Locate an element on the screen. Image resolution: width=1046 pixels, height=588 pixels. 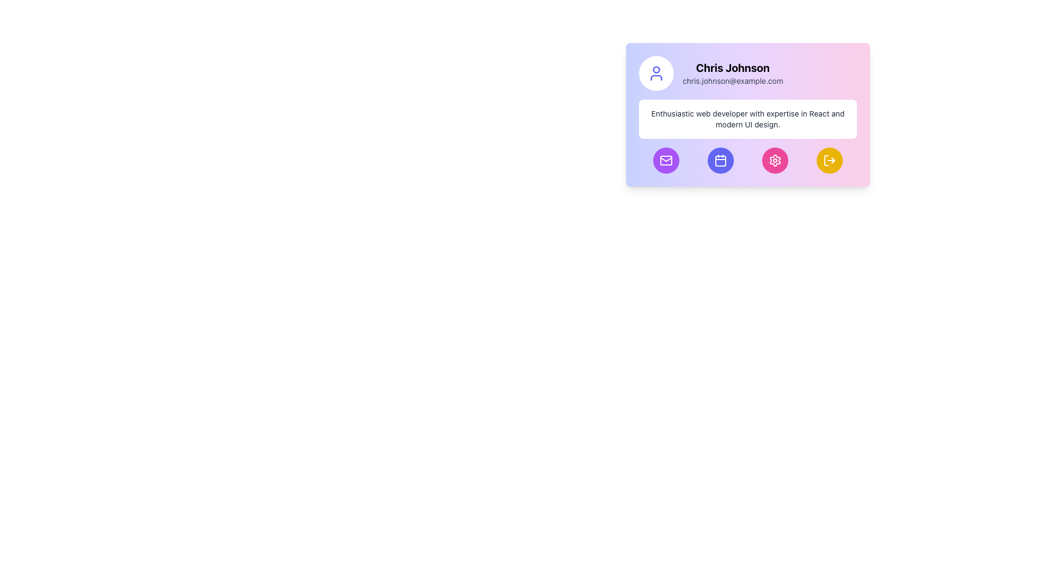
the fifth circular button in the horizontal row below the profile details card is located at coordinates (829, 160).